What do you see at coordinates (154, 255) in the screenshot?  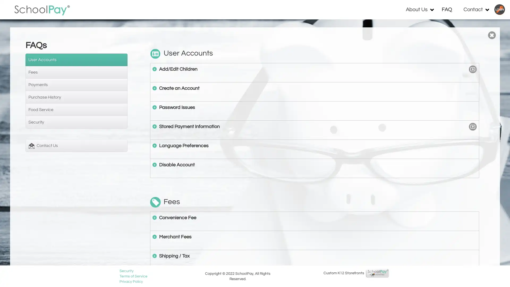 I see `Shipping and Tax` at bounding box center [154, 255].